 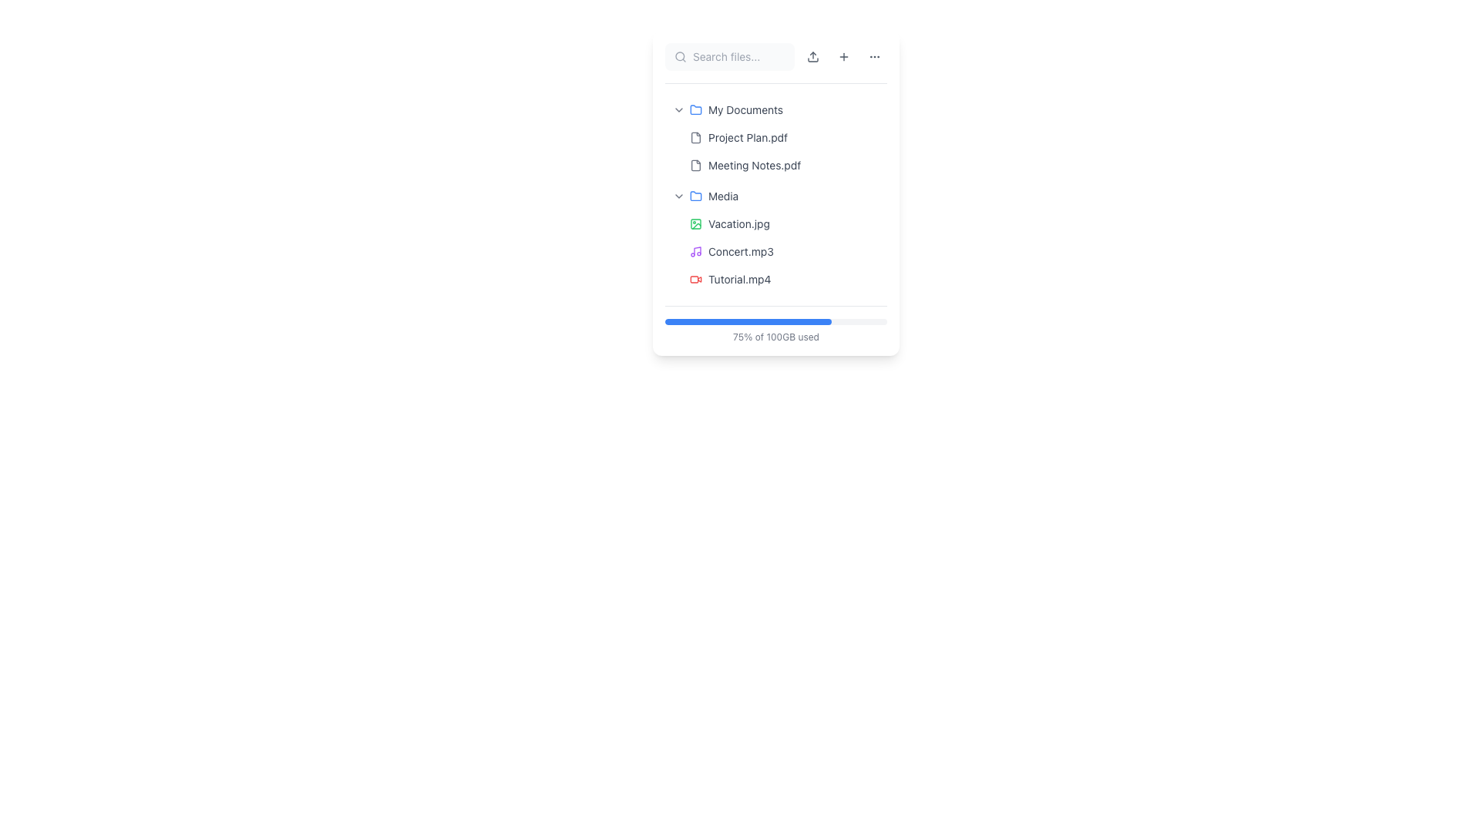 What do you see at coordinates (785, 251) in the screenshot?
I see `on the list item representing the file entry 'Concert.mp3', which is the second item under the 'Media' folder` at bounding box center [785, 251].